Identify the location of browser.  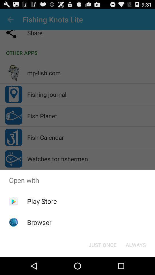
(39, 222).